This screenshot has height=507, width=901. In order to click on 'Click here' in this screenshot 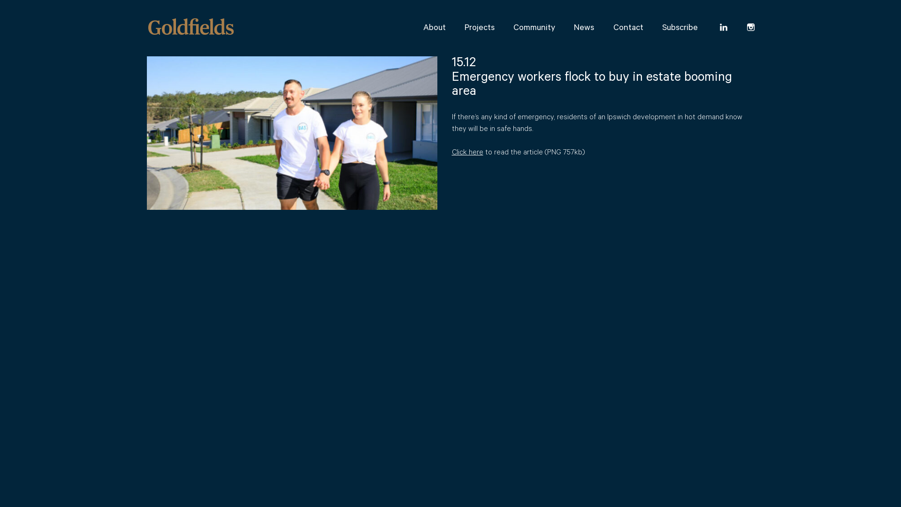, I will do `click(467, 153)`.